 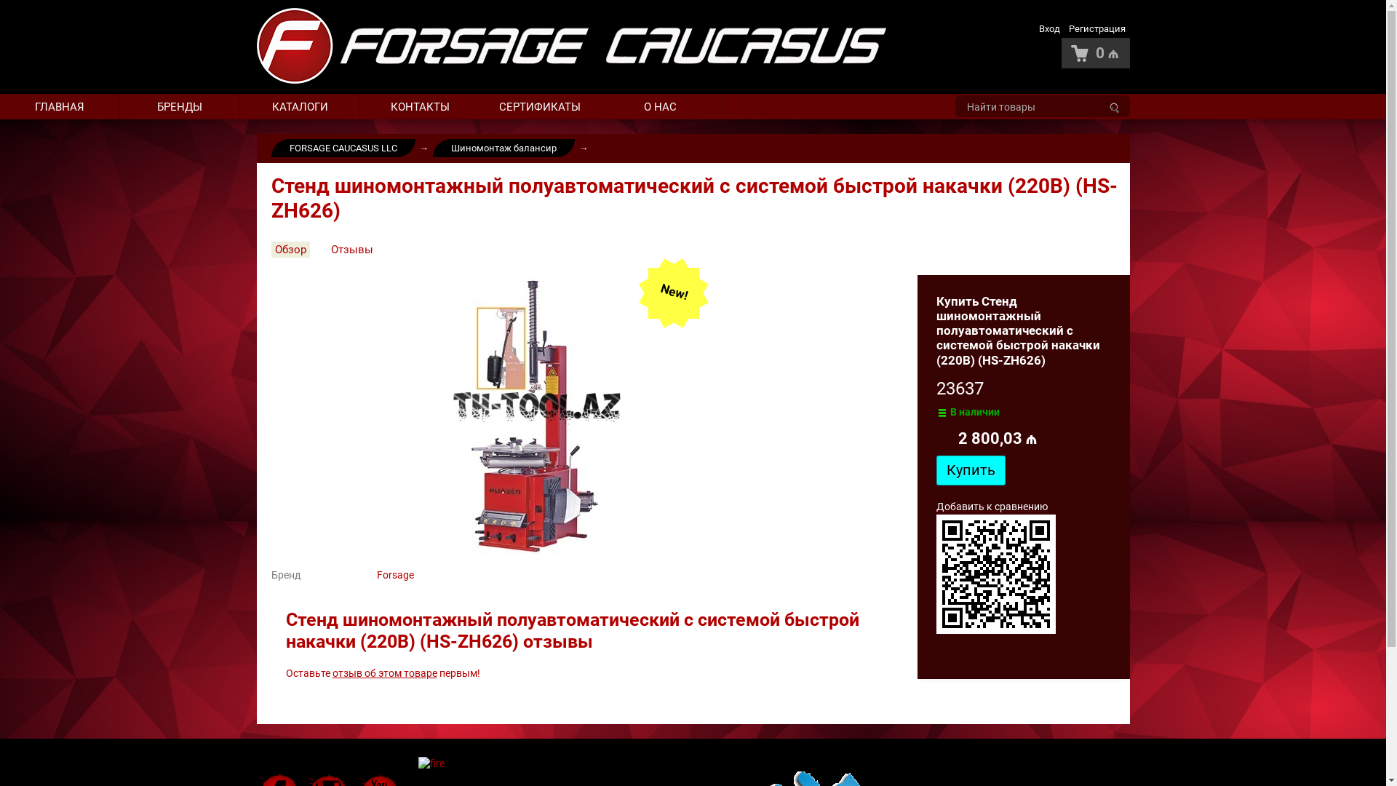 What do you see at coordinates (341, 148) in the screenshot?
I see `'FORSAGE CAUCASUS LLC'` at bounding box center [341, 148].